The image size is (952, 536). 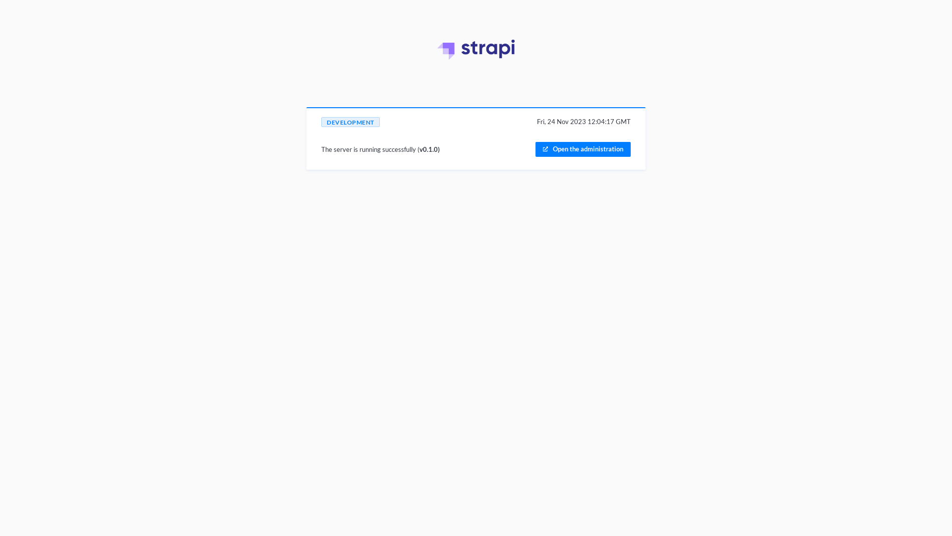 What do you see at coordinates (583, 149) in the screenshot?
I see `'Open the administration'` at bounding box center [583, 149].